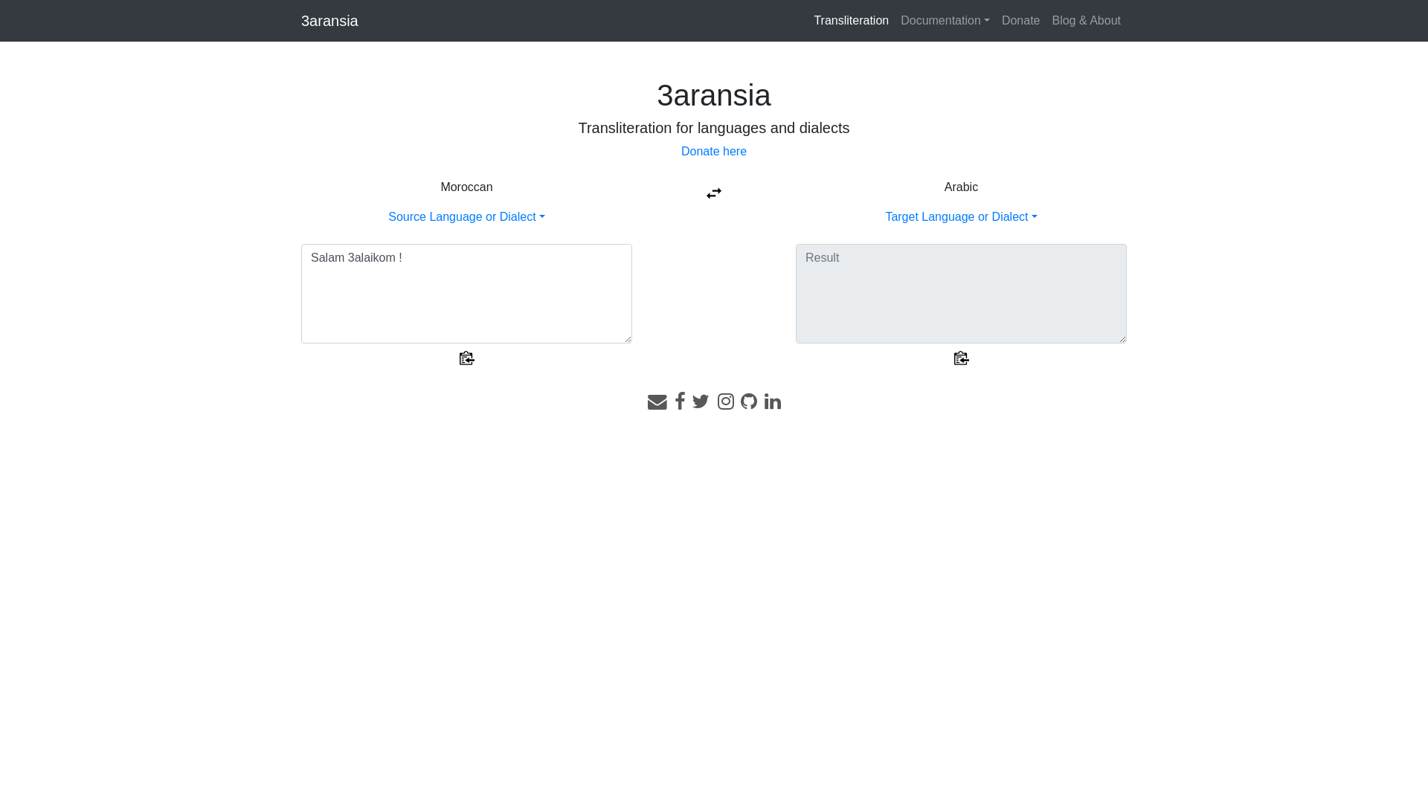 This screenshot has height=803, width=1428. What do you see at coordinates (1045, 20) in the screenshot?
I see `'Blog & About'` at bounding box center [1045, 20].